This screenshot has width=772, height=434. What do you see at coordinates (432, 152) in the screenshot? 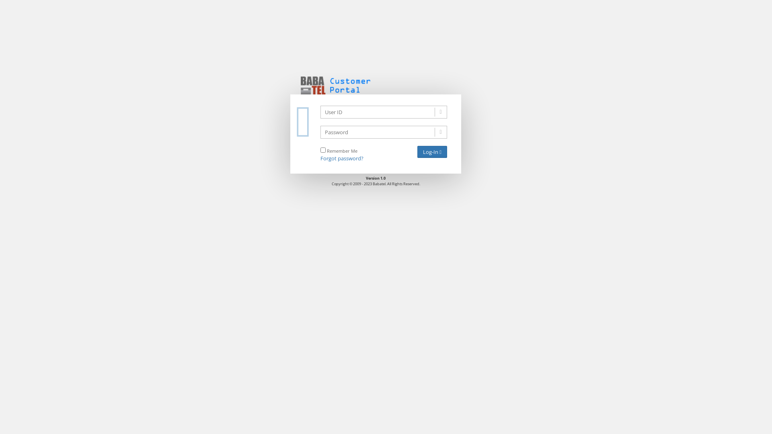
I see `'Log-In'` at bounding box center [432, 152].